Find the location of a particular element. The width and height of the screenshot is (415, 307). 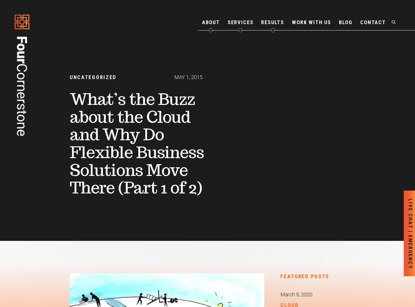

'May 1, 2015' is located at coordinates (188, 77).